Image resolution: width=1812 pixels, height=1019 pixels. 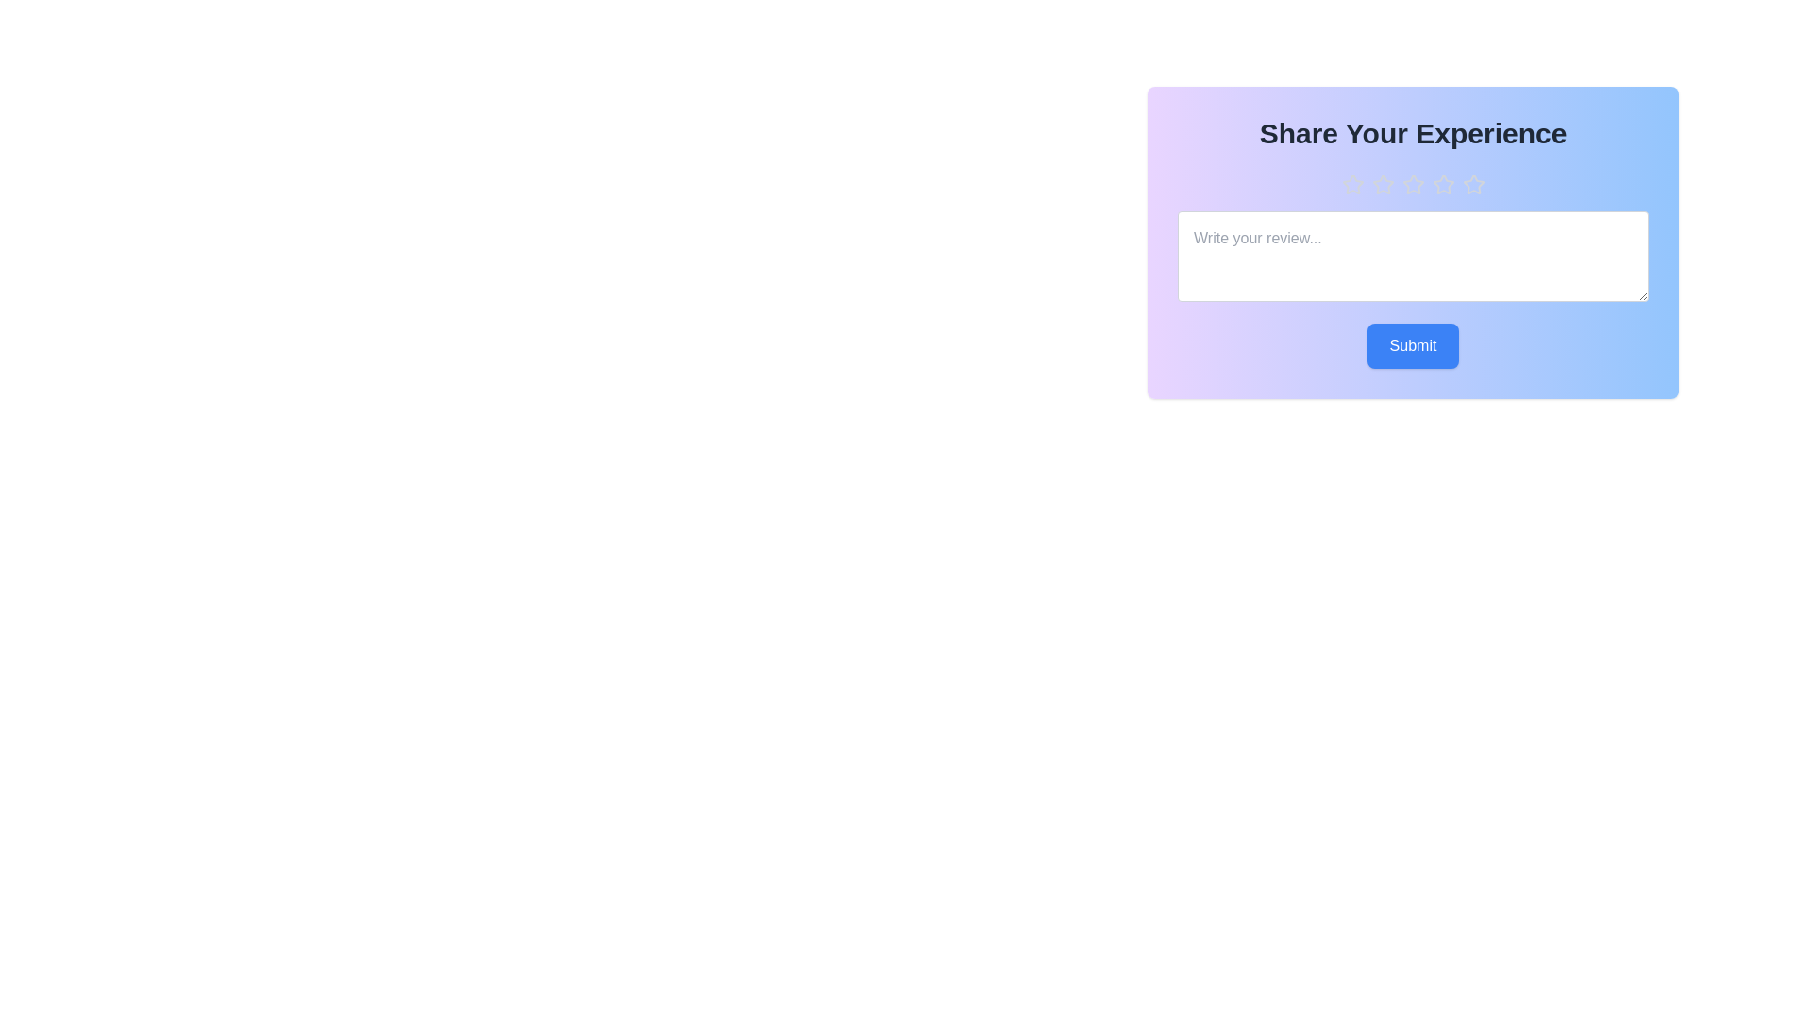 What do you see at coordinates (1442, 185) in the screenshot?
I see `the rating to 4 stars by clicking the corresponding star button` at bounding box center [1442, 185].